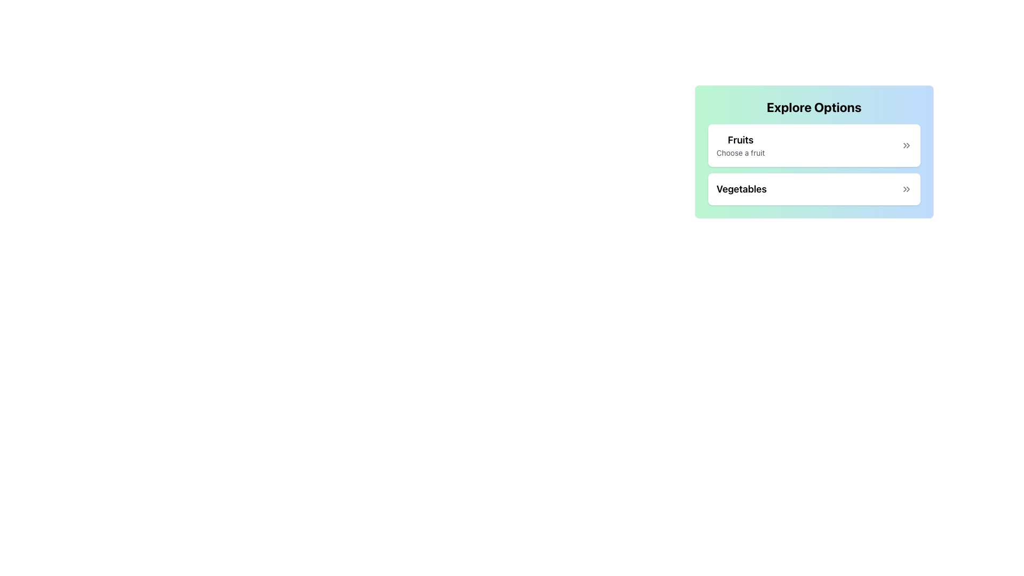 This screenshot has width=1024, height=576. I want to click on the first card in the vertically aligned list of options labeled 'Fruits', so click(813, 146).